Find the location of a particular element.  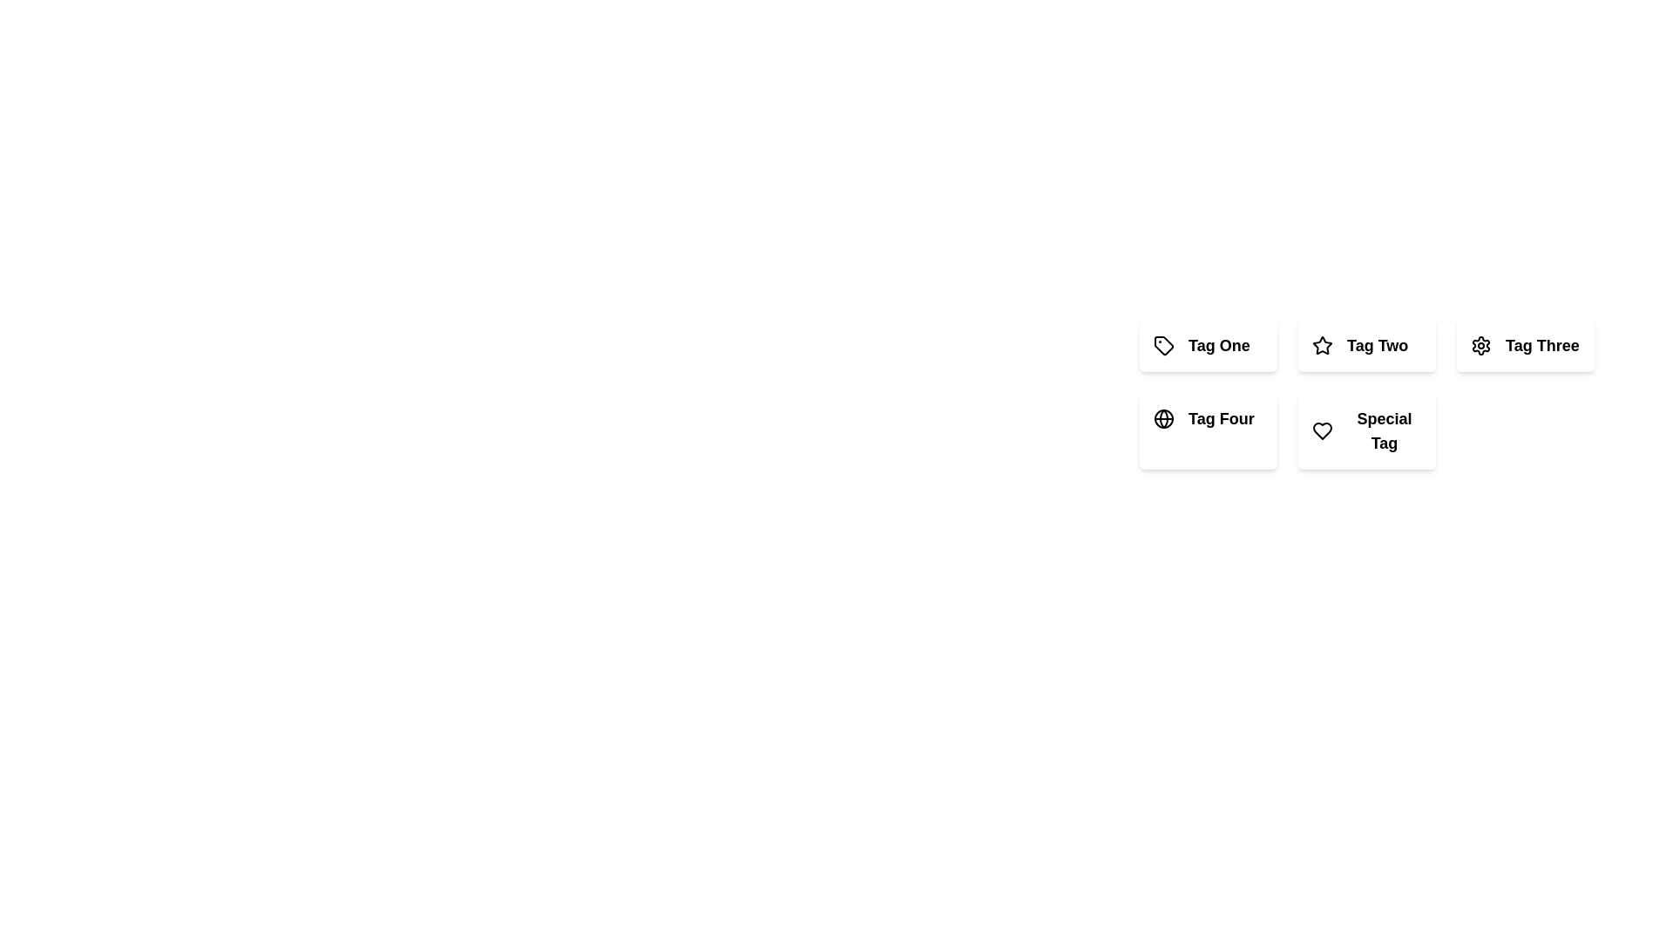

the graphic icon shaped like a tag, which is outlined with a thick black stroke and positioned near the text label 'Tag One' in the top-left corner of the grid of tagged icons is located at coordinates (1163, 346).